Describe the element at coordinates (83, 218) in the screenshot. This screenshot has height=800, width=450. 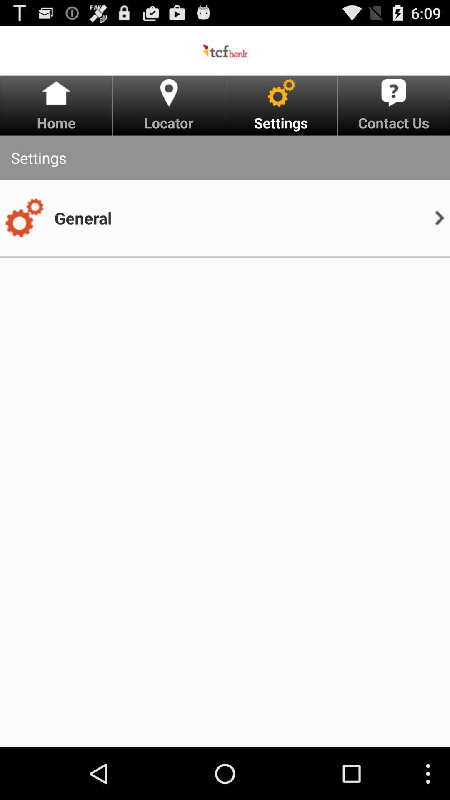
I see `app below settings` at that location.